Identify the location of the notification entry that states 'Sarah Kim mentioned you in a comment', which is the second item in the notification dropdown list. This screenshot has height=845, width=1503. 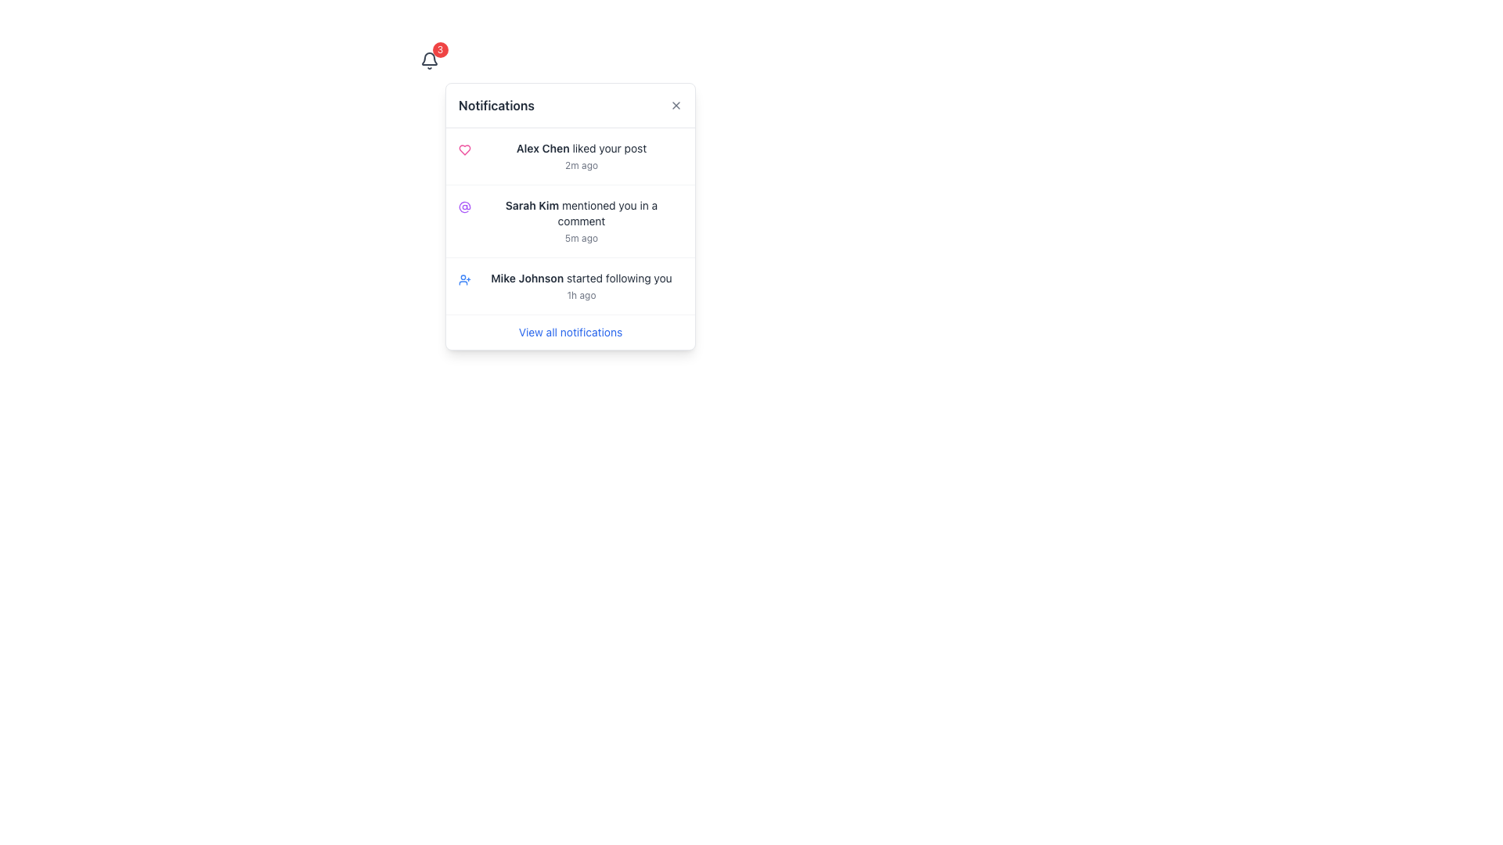
(581, 221).